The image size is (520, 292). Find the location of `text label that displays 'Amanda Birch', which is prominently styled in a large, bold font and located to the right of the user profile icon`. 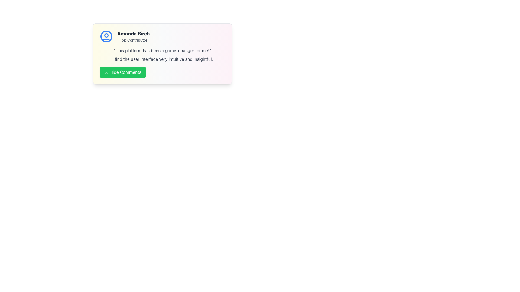

text label that displays 'Amanda Birch', which is prominently styled in a large, bold font and located to the right of the user profile icon is located at coordinates (134, 34).